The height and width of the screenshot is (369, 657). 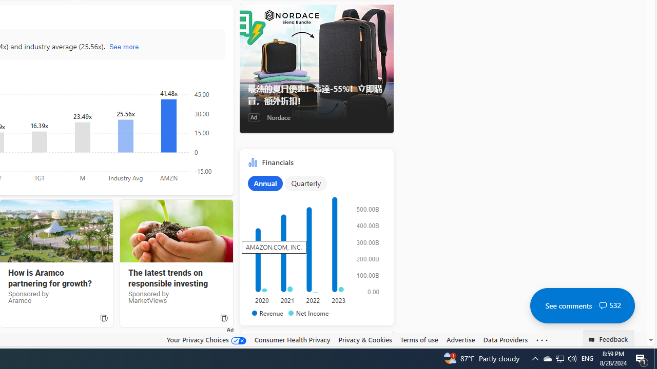 What do you see at coordinates (582, 305) in the screenshot?
I see `'See comments 532'` at bounding box center [582, 305].